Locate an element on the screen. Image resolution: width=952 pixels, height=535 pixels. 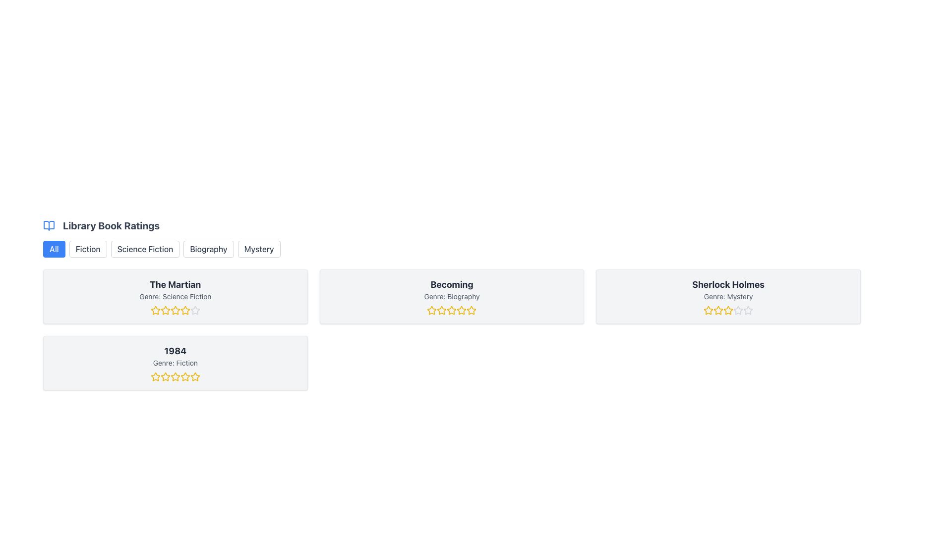
the fourth yellow star icon in the rating section under the 'Becoming' book title to set the rating is located at coordinates (451, 310).